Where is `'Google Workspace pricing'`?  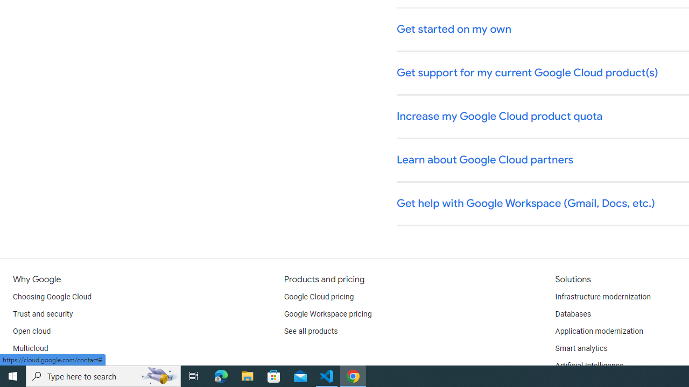 'Google Workspace pricing' is located at coordinates (327, 314).